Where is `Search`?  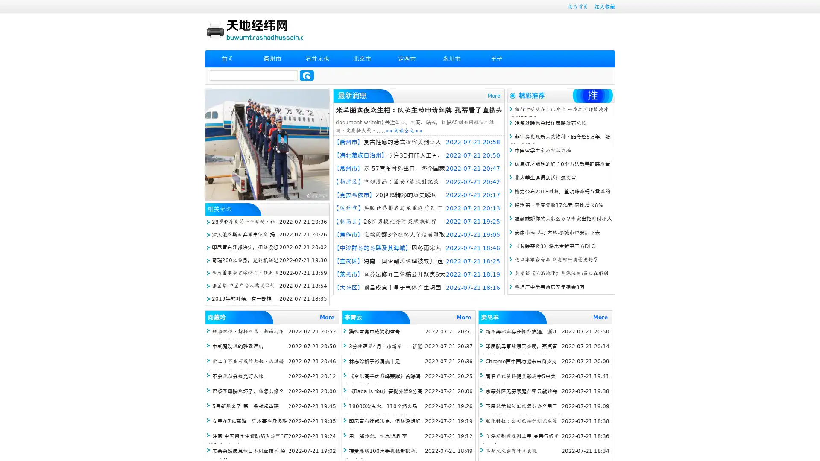 Search is located at coordinates (307, 75).